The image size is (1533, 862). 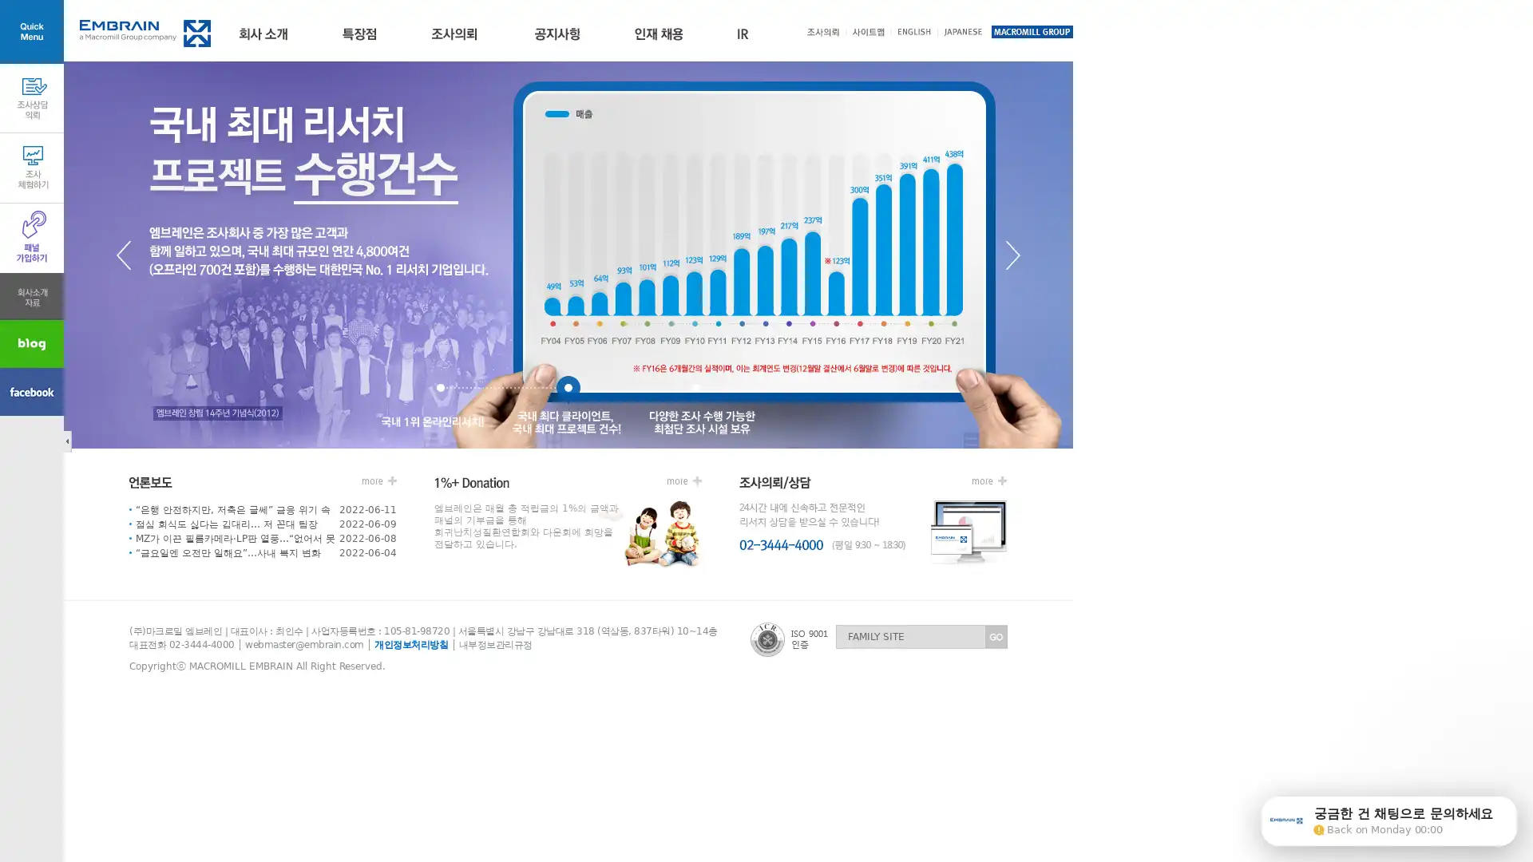 What do you see at coordinates (568, 390) in the screenshot?
I see `2` at bounding box center [568, 390].